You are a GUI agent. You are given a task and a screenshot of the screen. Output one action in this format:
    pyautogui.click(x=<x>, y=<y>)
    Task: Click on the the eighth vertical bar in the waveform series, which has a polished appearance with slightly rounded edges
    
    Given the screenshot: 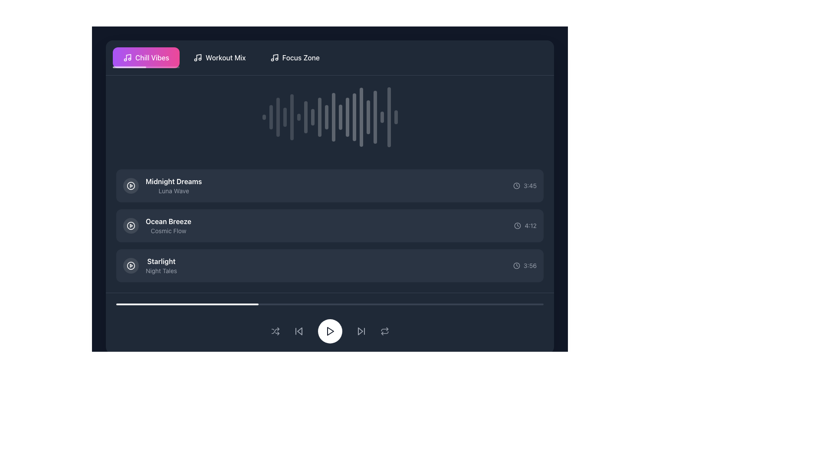 What is the action you would take?
    pyautogui.click(x=312, y=117)
    